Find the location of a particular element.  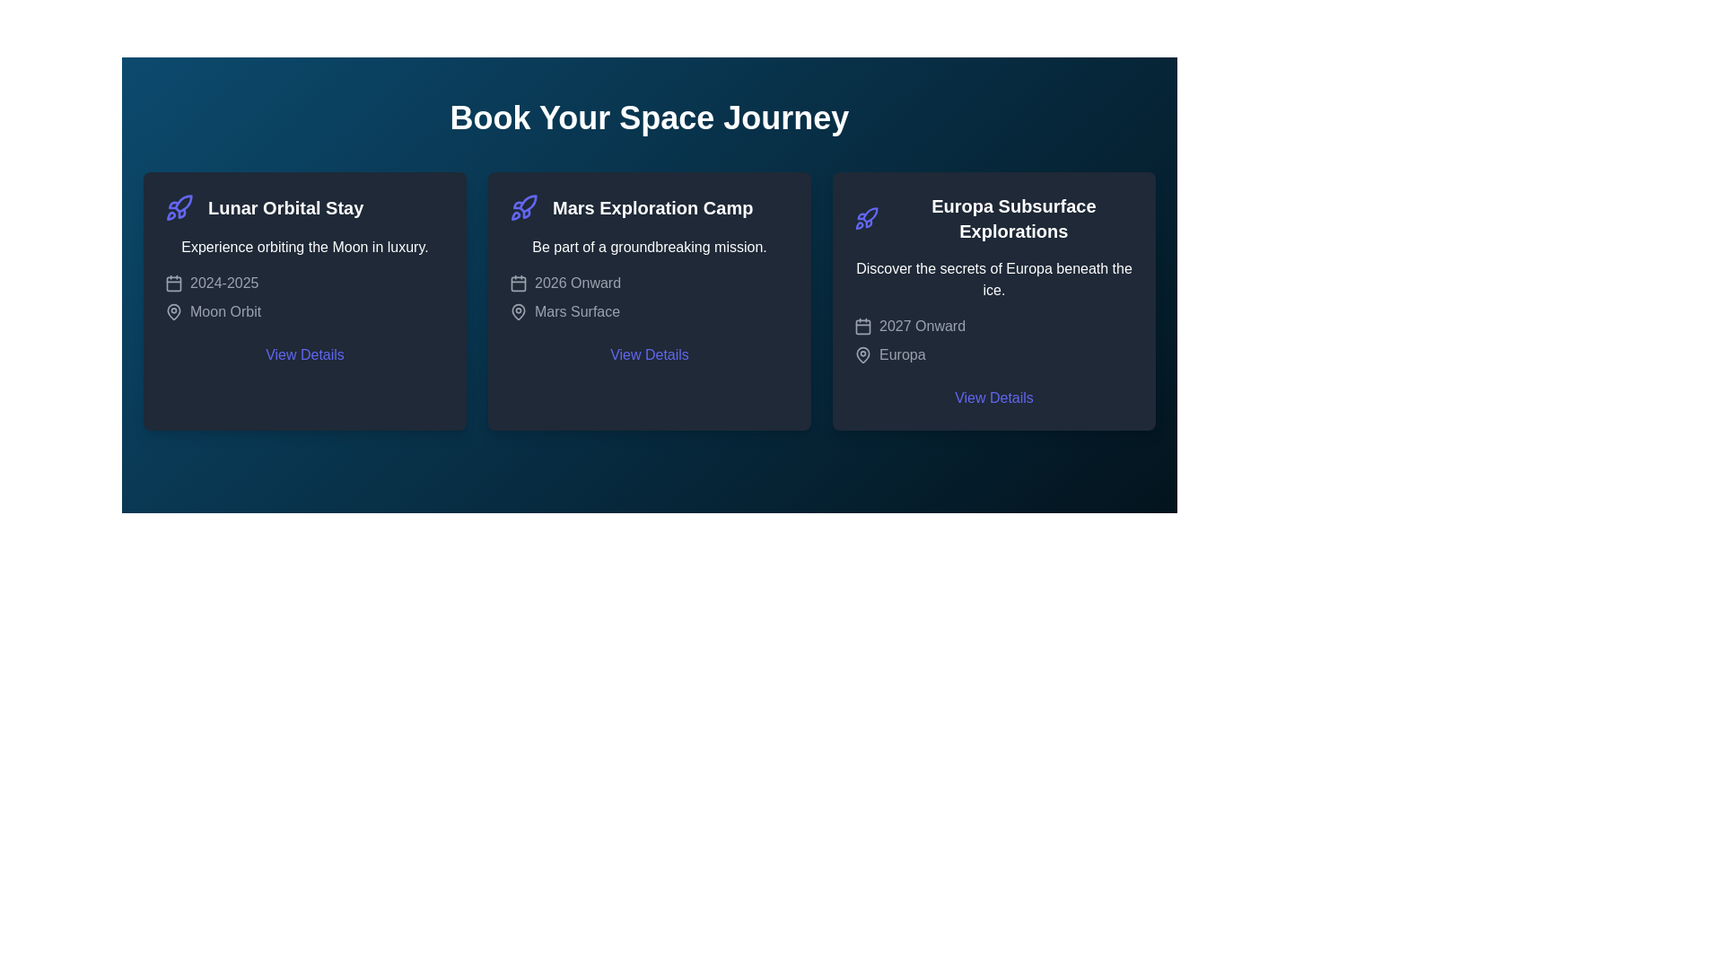

descriptive static text located in the center area of the second card, which provides information about the 'Mars Exploration Camp' offering, positioned beneath the title and above the details is located at coordinates (649, 248).